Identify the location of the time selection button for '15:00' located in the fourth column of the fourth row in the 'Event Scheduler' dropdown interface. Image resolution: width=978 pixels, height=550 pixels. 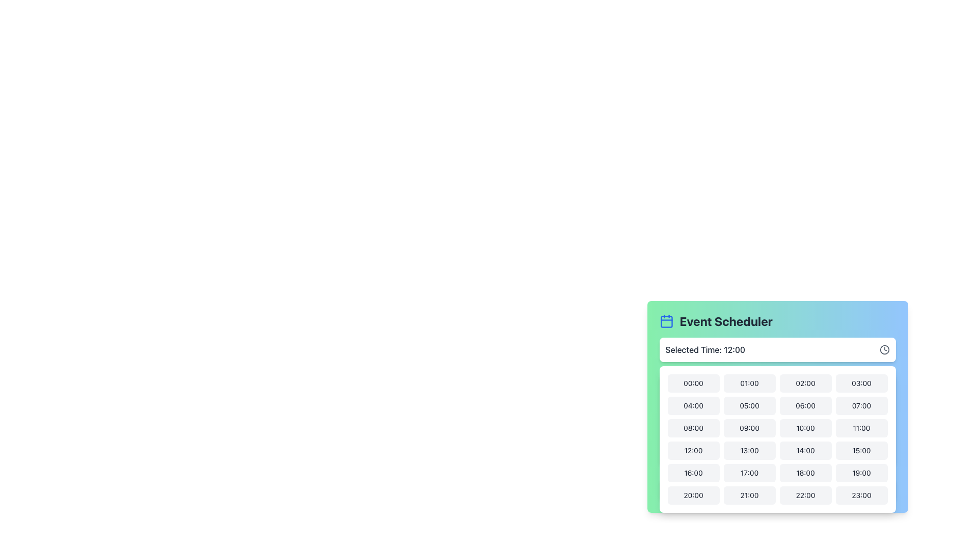
(861, 450).